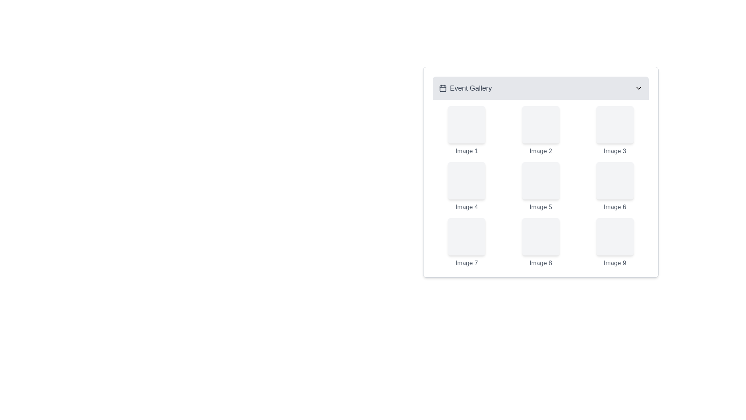  Describe the element at coordinates (471, 88) in the screenshot. I see `the 'Event Gallery' text label located in the header layout, which serves as a title for that section` at that location.